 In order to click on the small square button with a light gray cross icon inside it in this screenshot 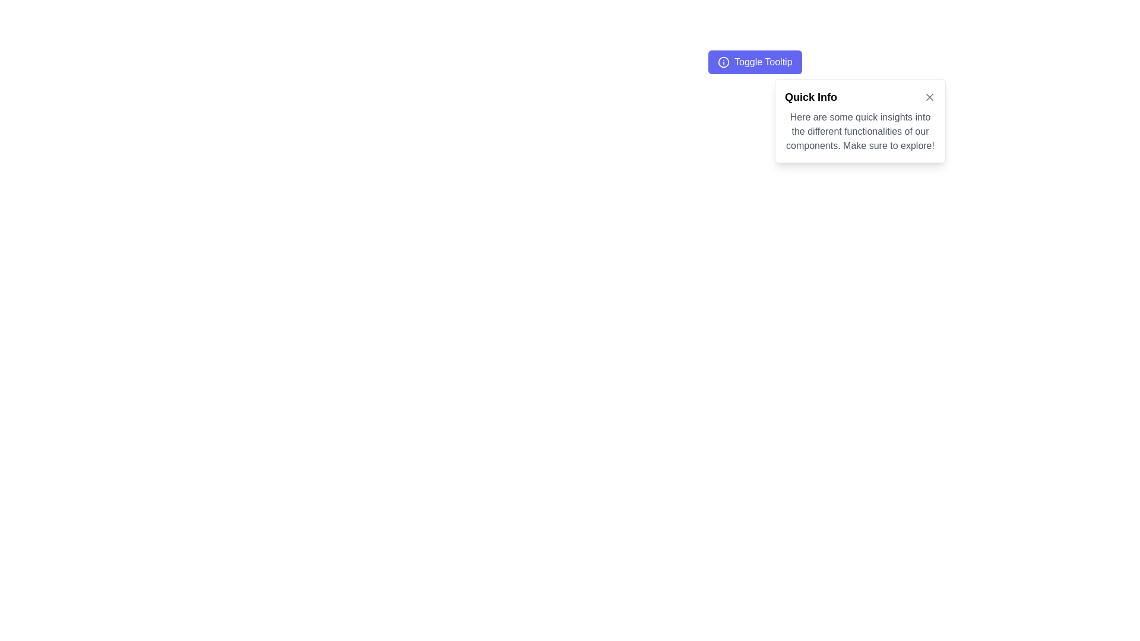, I will do `click(929, 97)`.